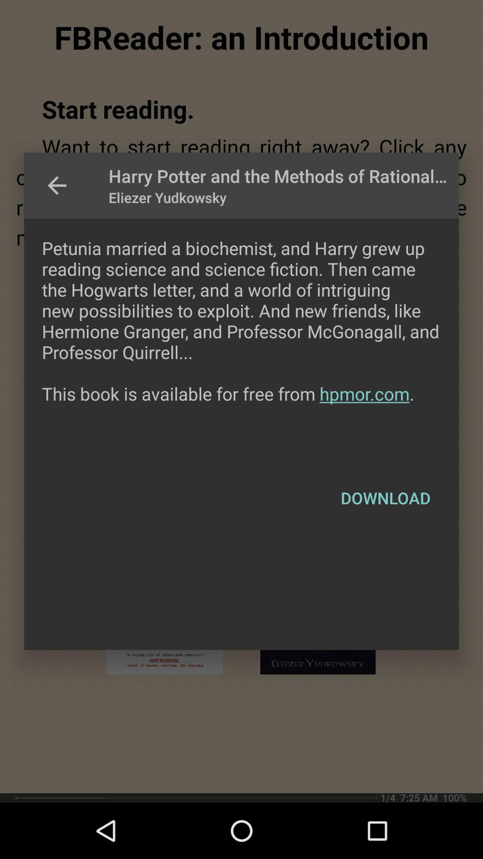 This screenshot has width=483, height=859. I want to click on the icon above petunia married a item, so click(57, 185).